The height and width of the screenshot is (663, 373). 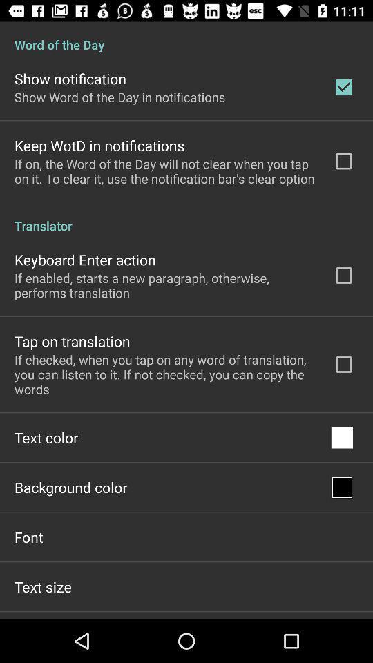 I want to click on the background color app, so click(x=70, y=487).